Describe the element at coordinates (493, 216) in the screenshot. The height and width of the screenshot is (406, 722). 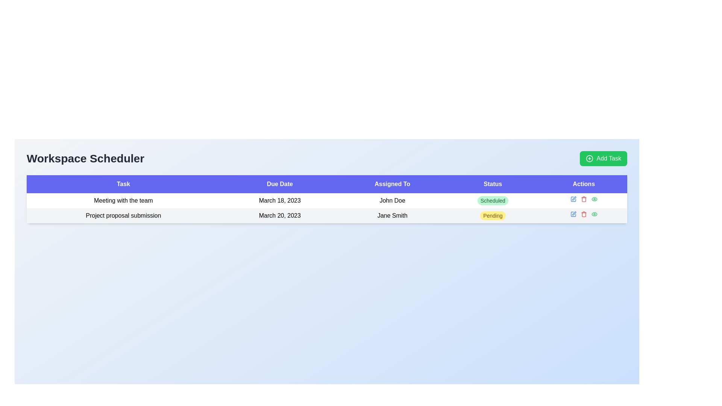
I see `the Status label indicating 'Pending' in the fourth cell of the table row for 'Project proposal submission' assigned to 'Jane Smith'` at that location.